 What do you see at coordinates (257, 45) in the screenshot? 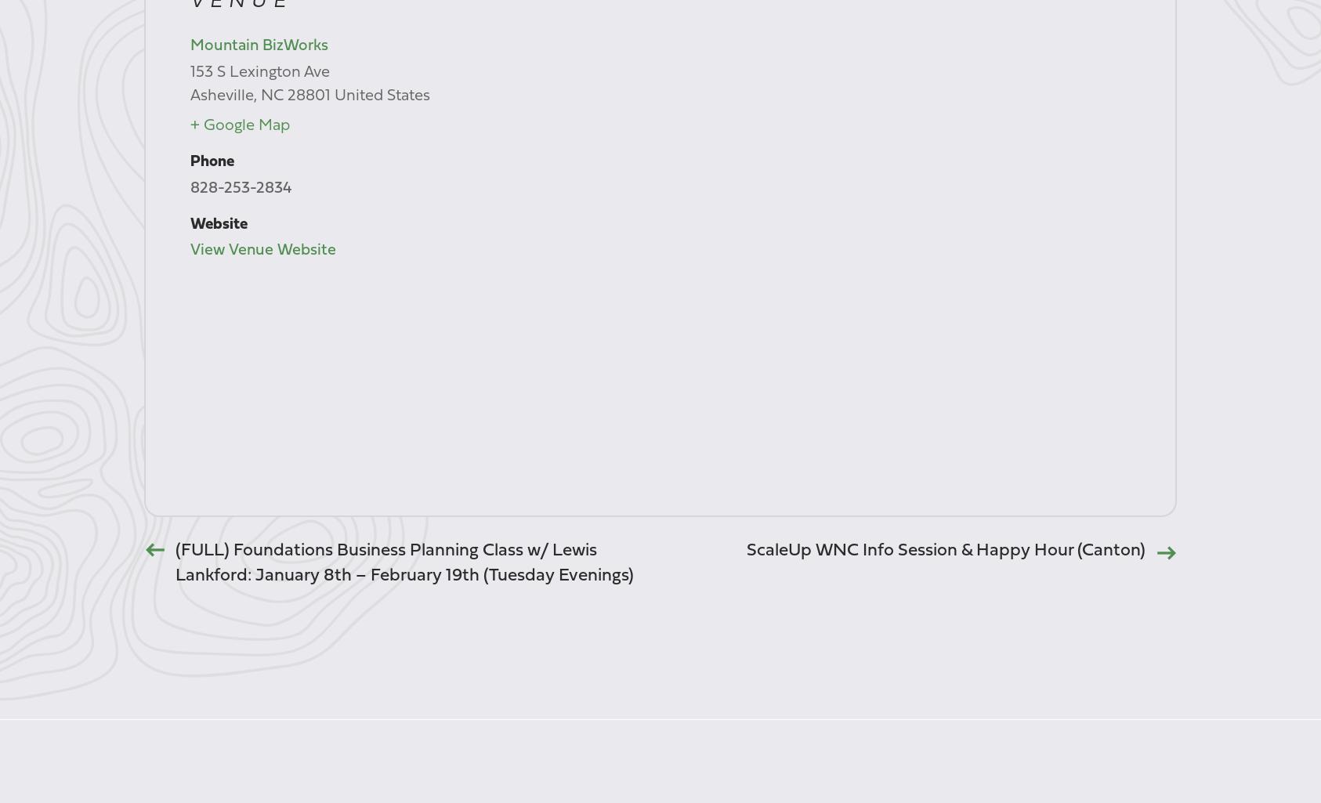
I see `'Mountain BizWorks'` at bounding box center [257, 45].